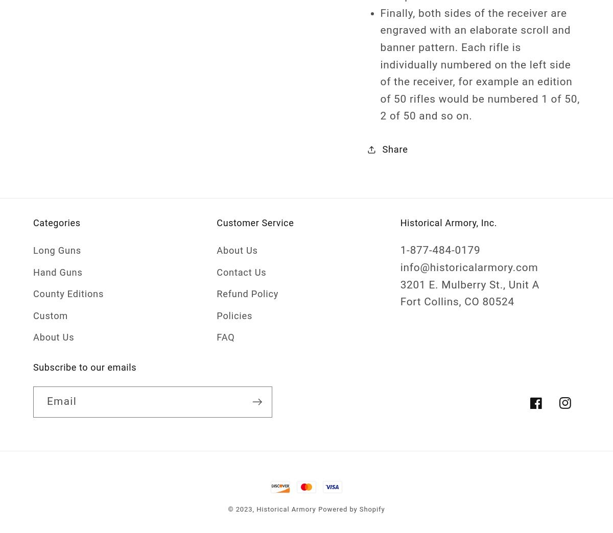  What do you see at coordinates (399, 266) in the screenshot?
I see `'info@historicalarmory.com'` at bounding box center [399, 266].